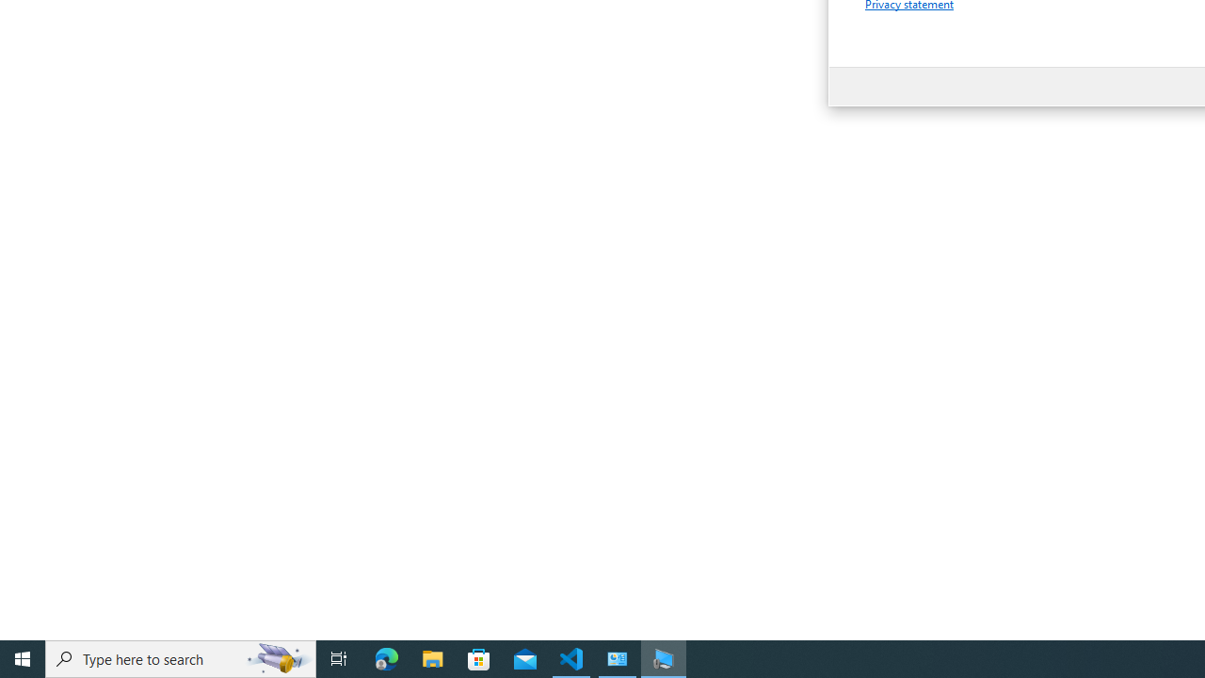 The height and width of the screenshot is (678, 1205). What do you see at coordinates (432, 657) in the screenshot?
I see `'File Explorer'` at bounding box center [432, 657].